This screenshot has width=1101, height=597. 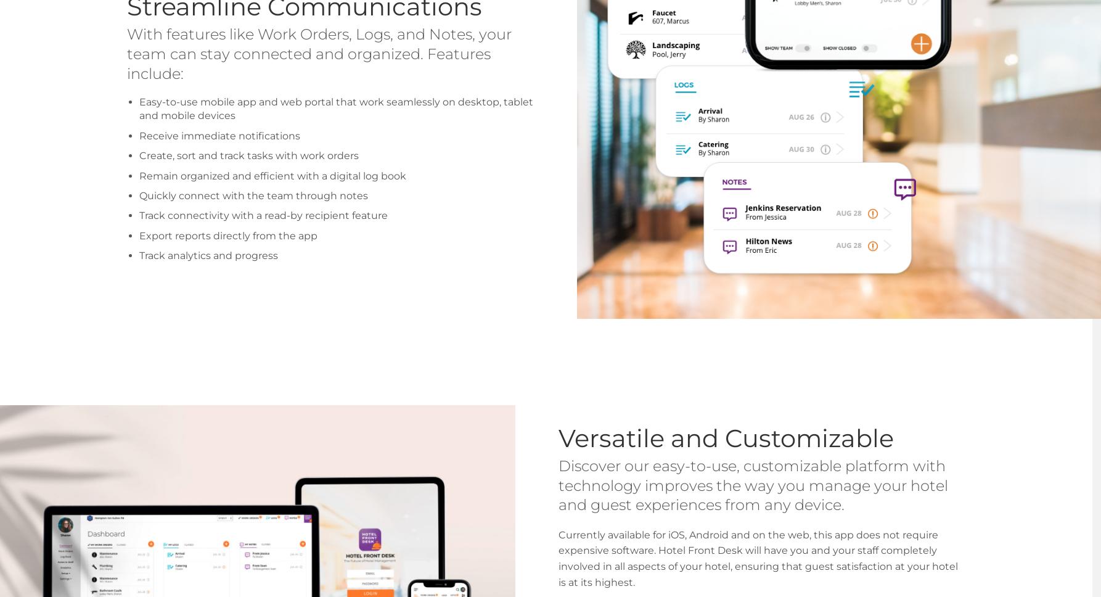 What do you see at coordinates (318, 54) in the screenshot?
I see `'With features like Work Orders, Logs, and Notes, your team can stay connected and organized. Features include:'` at bounding box center [318, 54].